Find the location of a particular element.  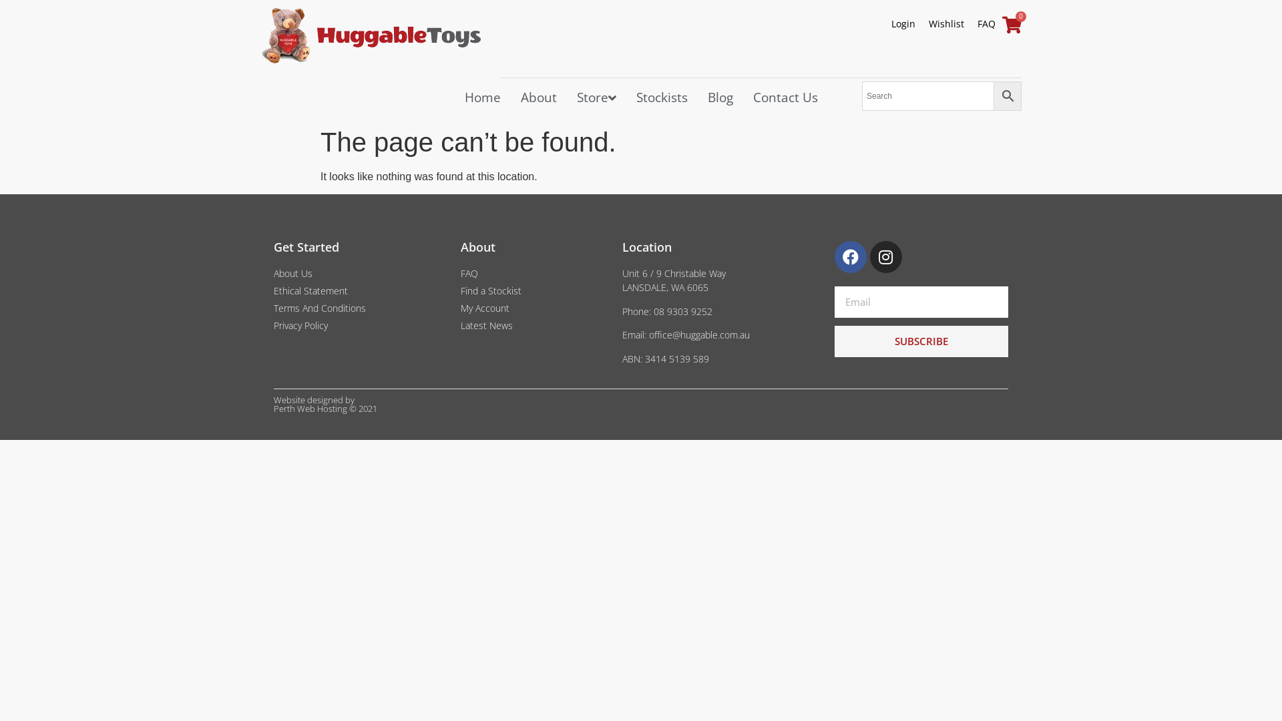

'0' is located at coordinates (1002, 25).